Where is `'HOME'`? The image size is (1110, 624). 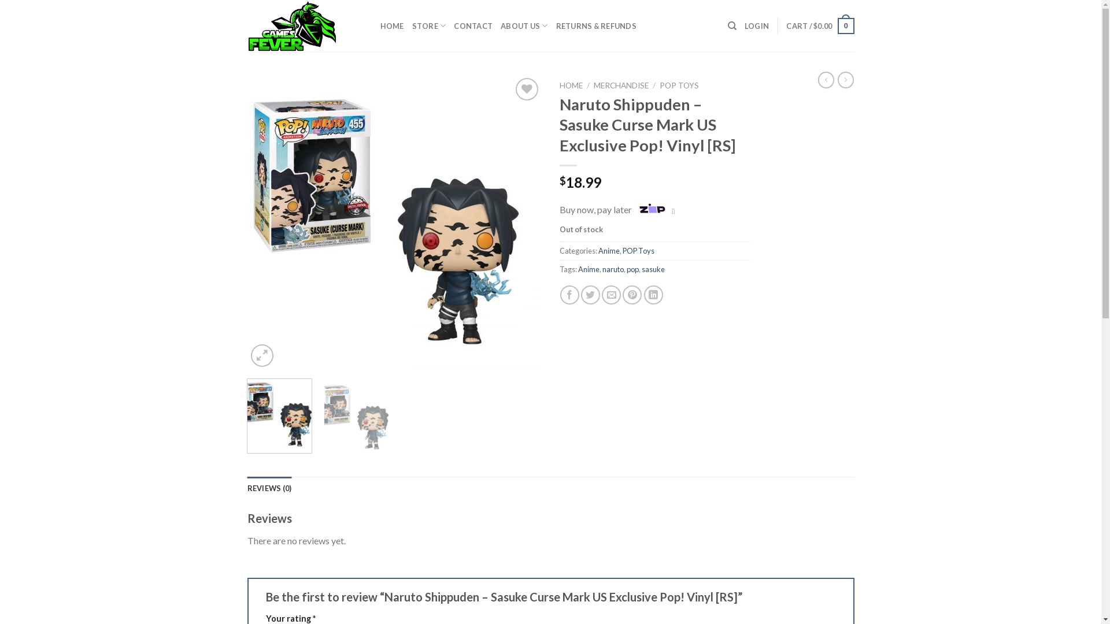
'HOME' is located at coordinates (392, 26).